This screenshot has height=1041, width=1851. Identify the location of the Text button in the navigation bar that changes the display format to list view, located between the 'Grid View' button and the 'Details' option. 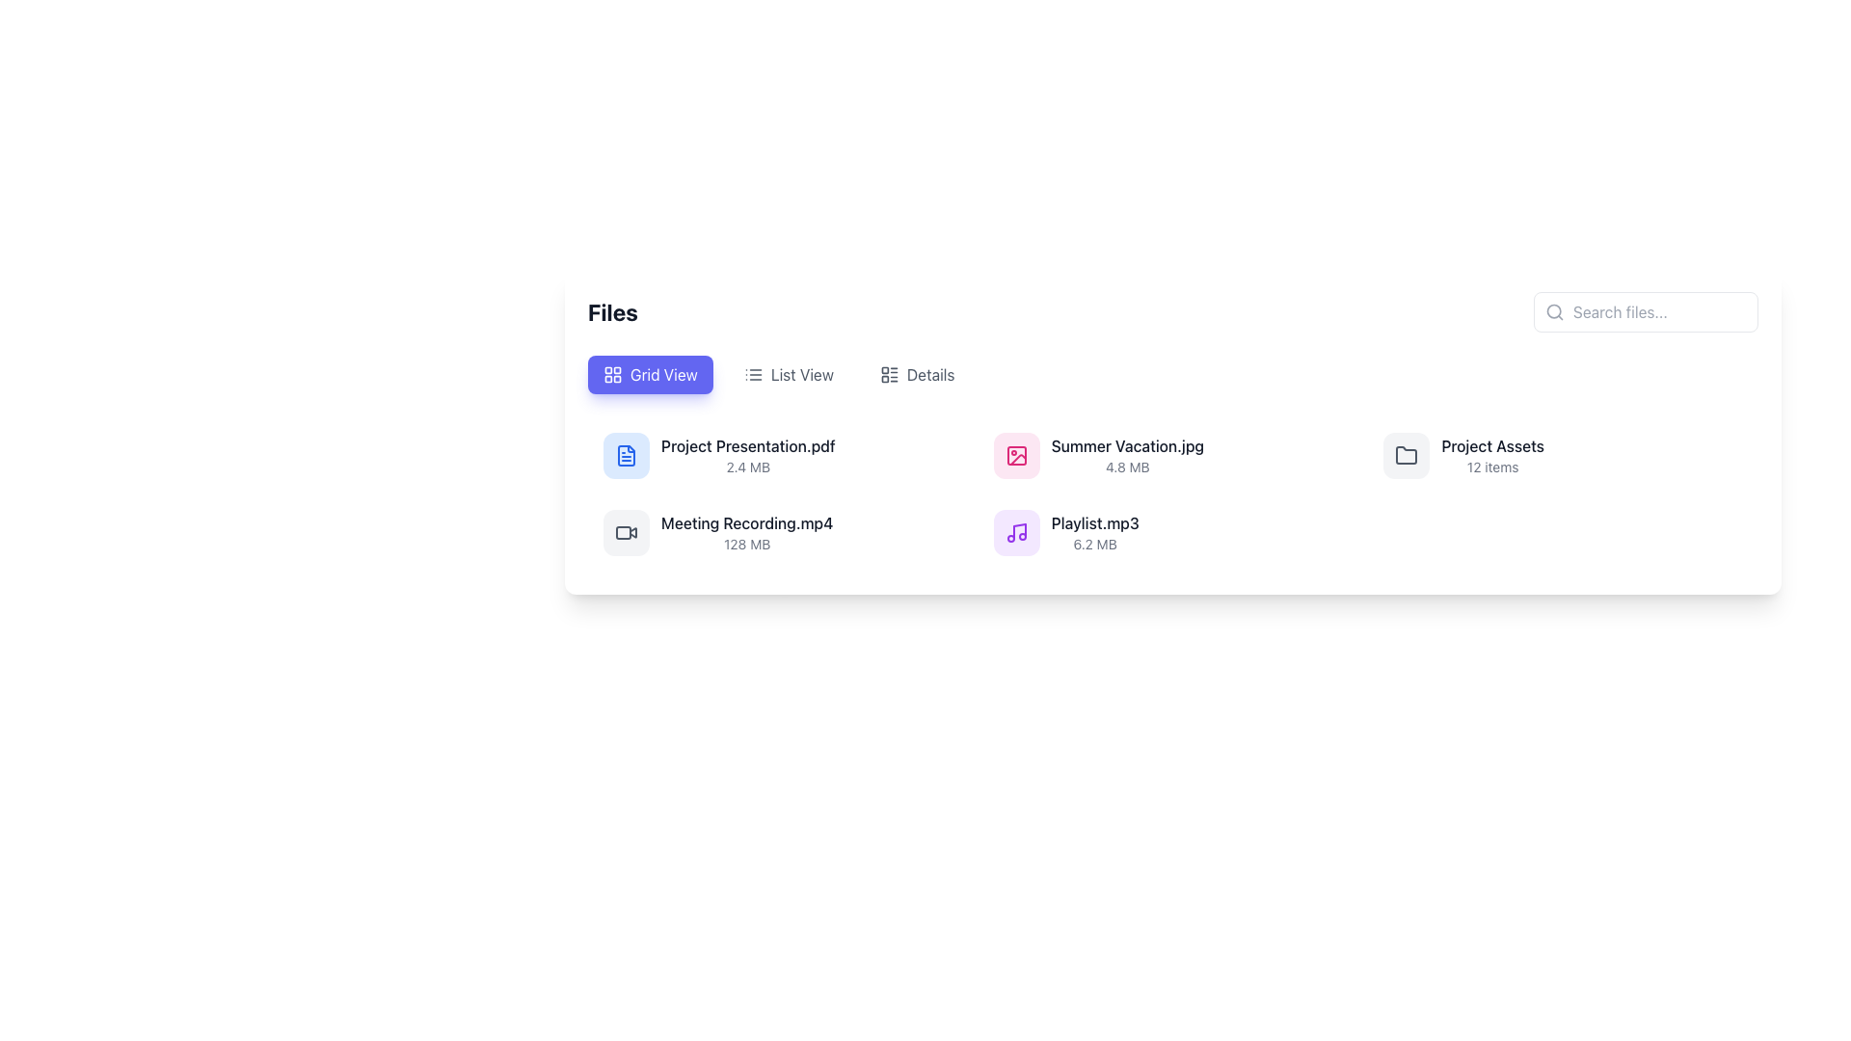
(802, 375).